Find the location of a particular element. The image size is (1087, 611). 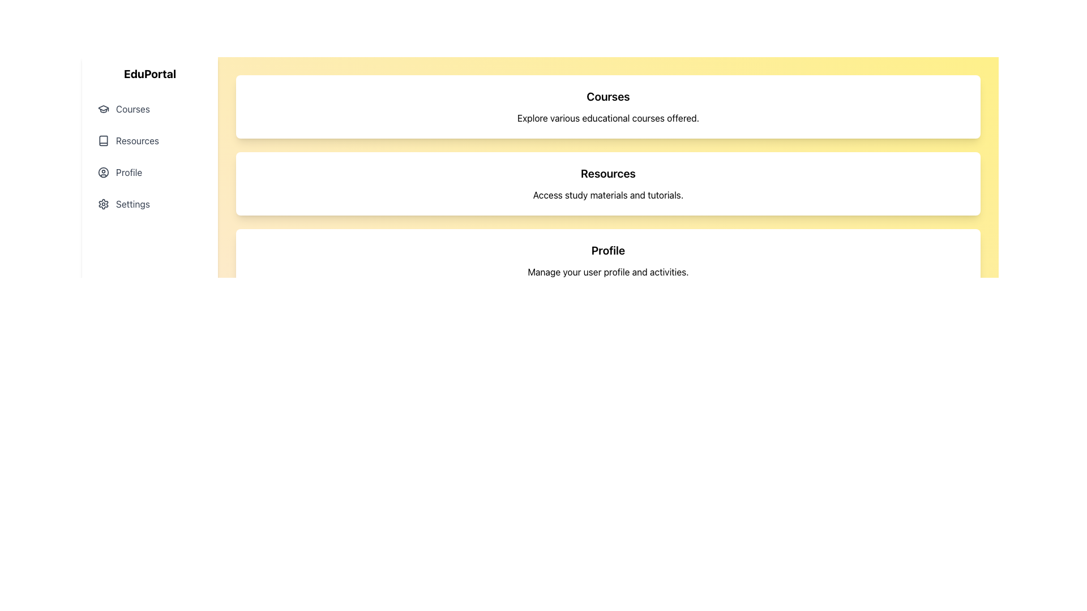

the user profile icon, which is a circular SVG graphical component with a filled center, located in the vertical navigation bar on the left side of the interface, adjacent to the 'Profile' text label is located at coordinates (103, 172).